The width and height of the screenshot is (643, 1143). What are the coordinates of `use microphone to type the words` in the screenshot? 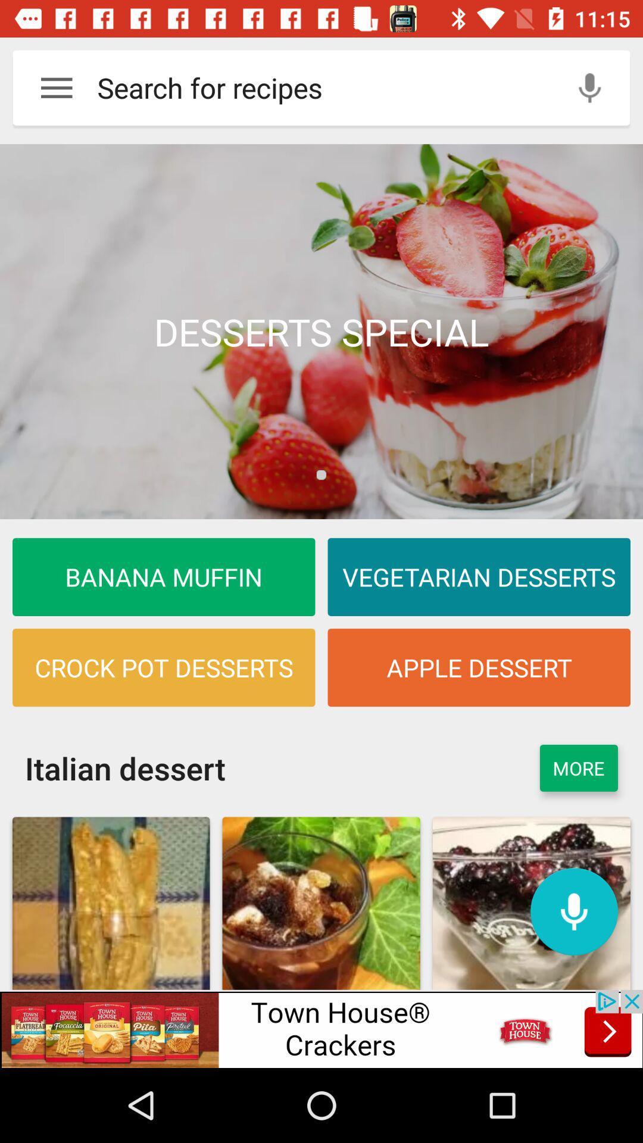 It's located at (589, 87).